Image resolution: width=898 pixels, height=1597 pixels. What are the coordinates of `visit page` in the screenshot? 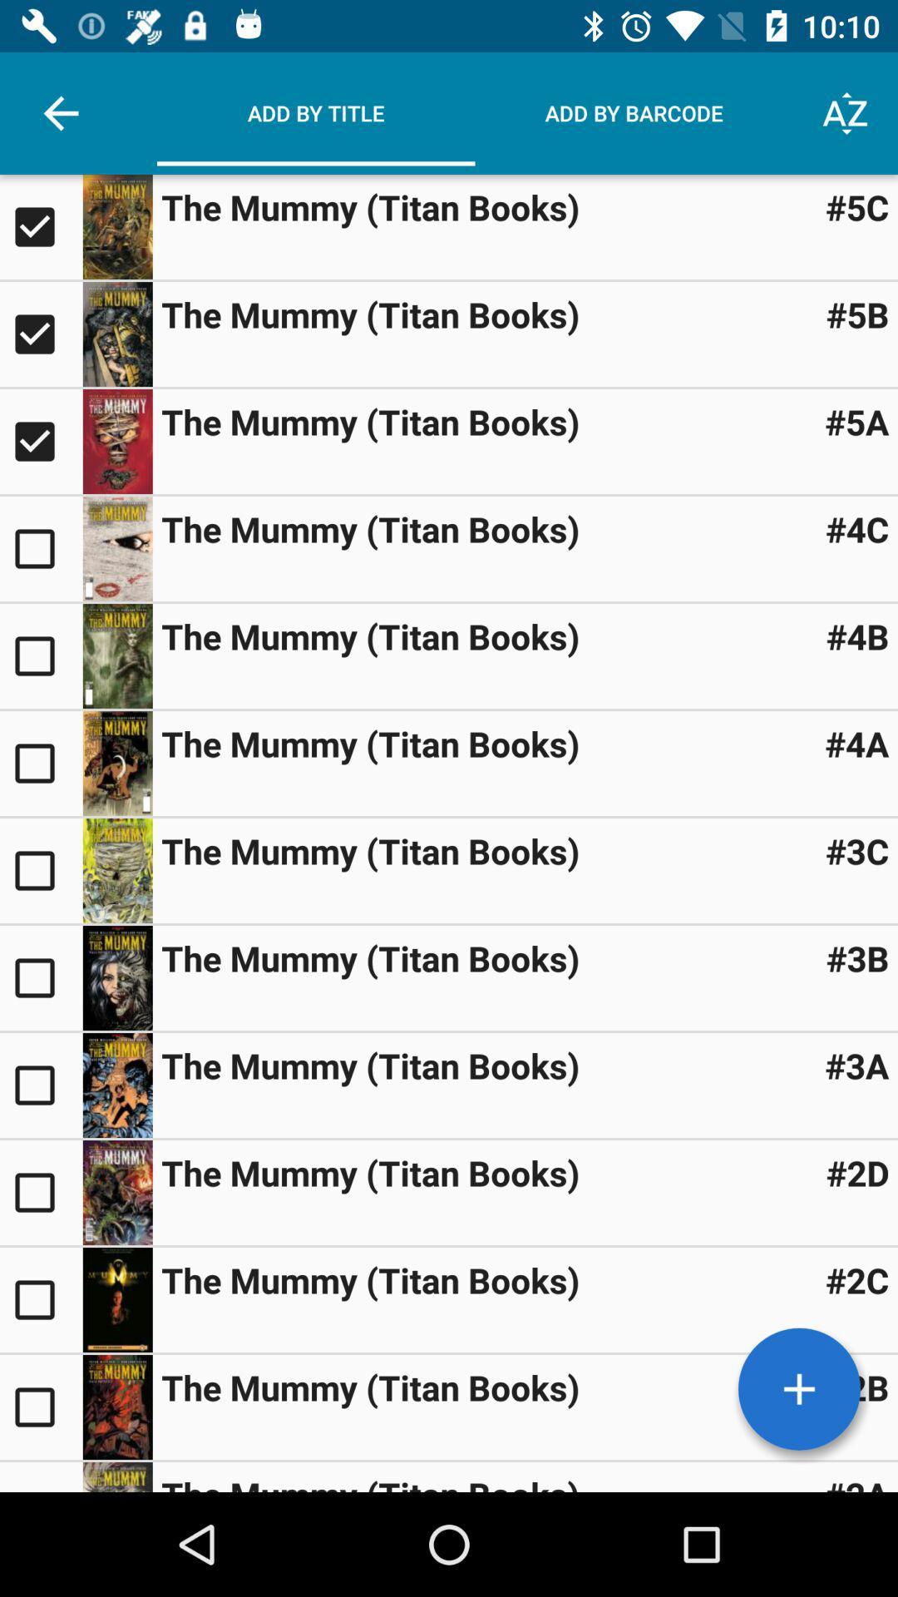 It's located at (116, 1406).